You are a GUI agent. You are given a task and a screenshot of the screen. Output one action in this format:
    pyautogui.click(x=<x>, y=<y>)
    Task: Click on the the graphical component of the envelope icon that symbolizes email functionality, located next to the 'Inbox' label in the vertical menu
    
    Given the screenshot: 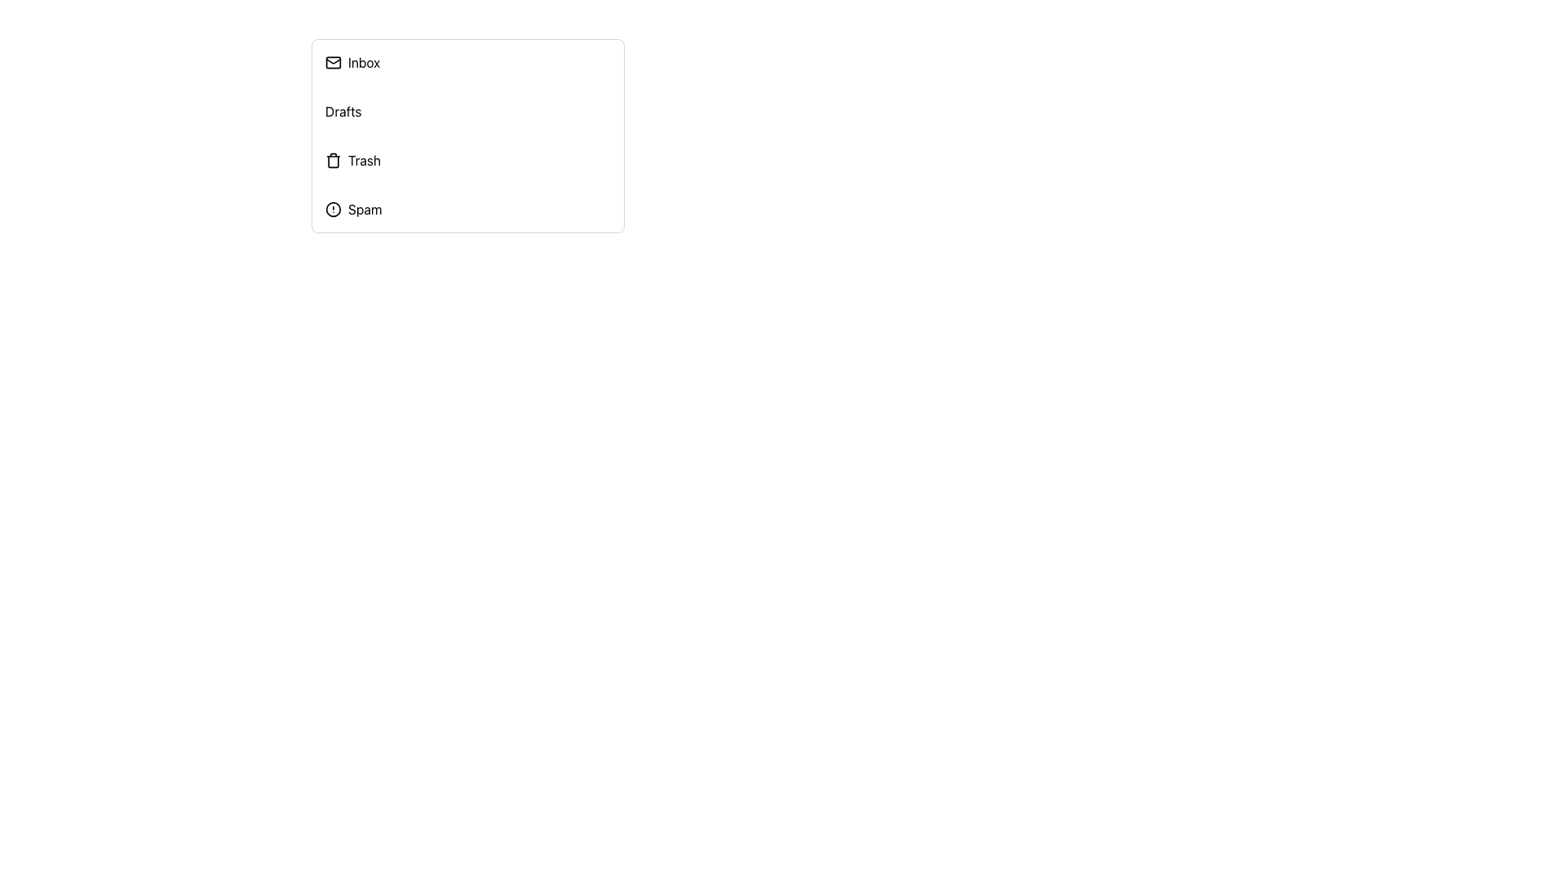 What is the action you would take?
    pyautogui.click(x=332, y=62)
    